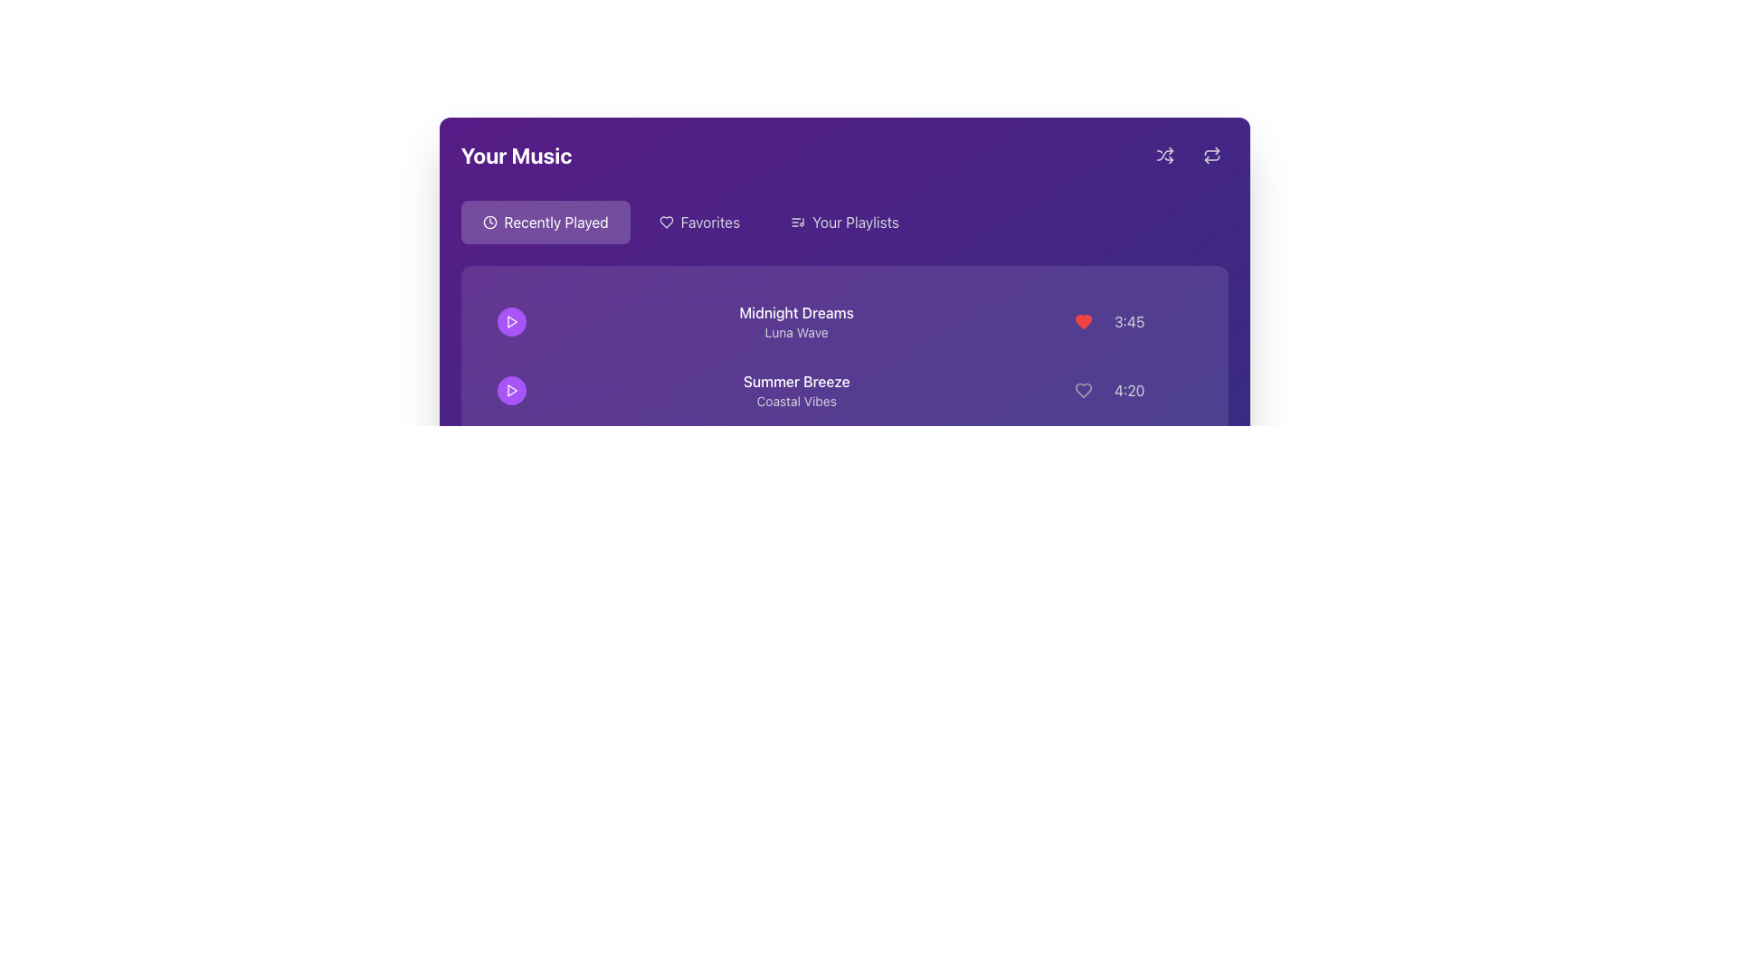 The height and width of the screenshot is (977, 1737). What do you see at coordinates (1211, 155) in the screenshot?
I see `the repeat mode toggle button located in the top right corner of the interface, adjacent to the shuffle icon` at bounding box center [1211, 155].